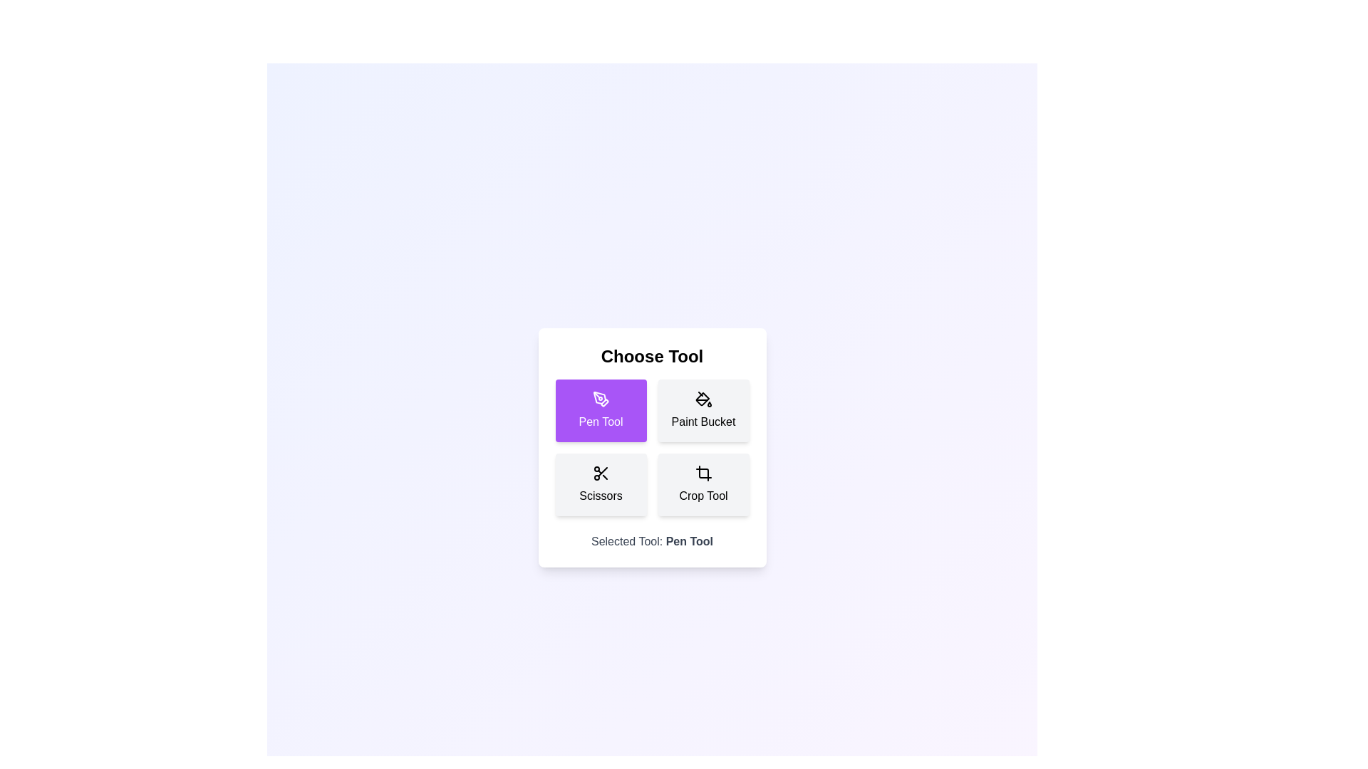 Image resolution: width=1368 pixels, height=769 pixels. What do you see at coordinates (601, 411) in the screenshot?
I see `the tool Pen Tool by clicking on its corresponding button` at bounding box center [601, 411].